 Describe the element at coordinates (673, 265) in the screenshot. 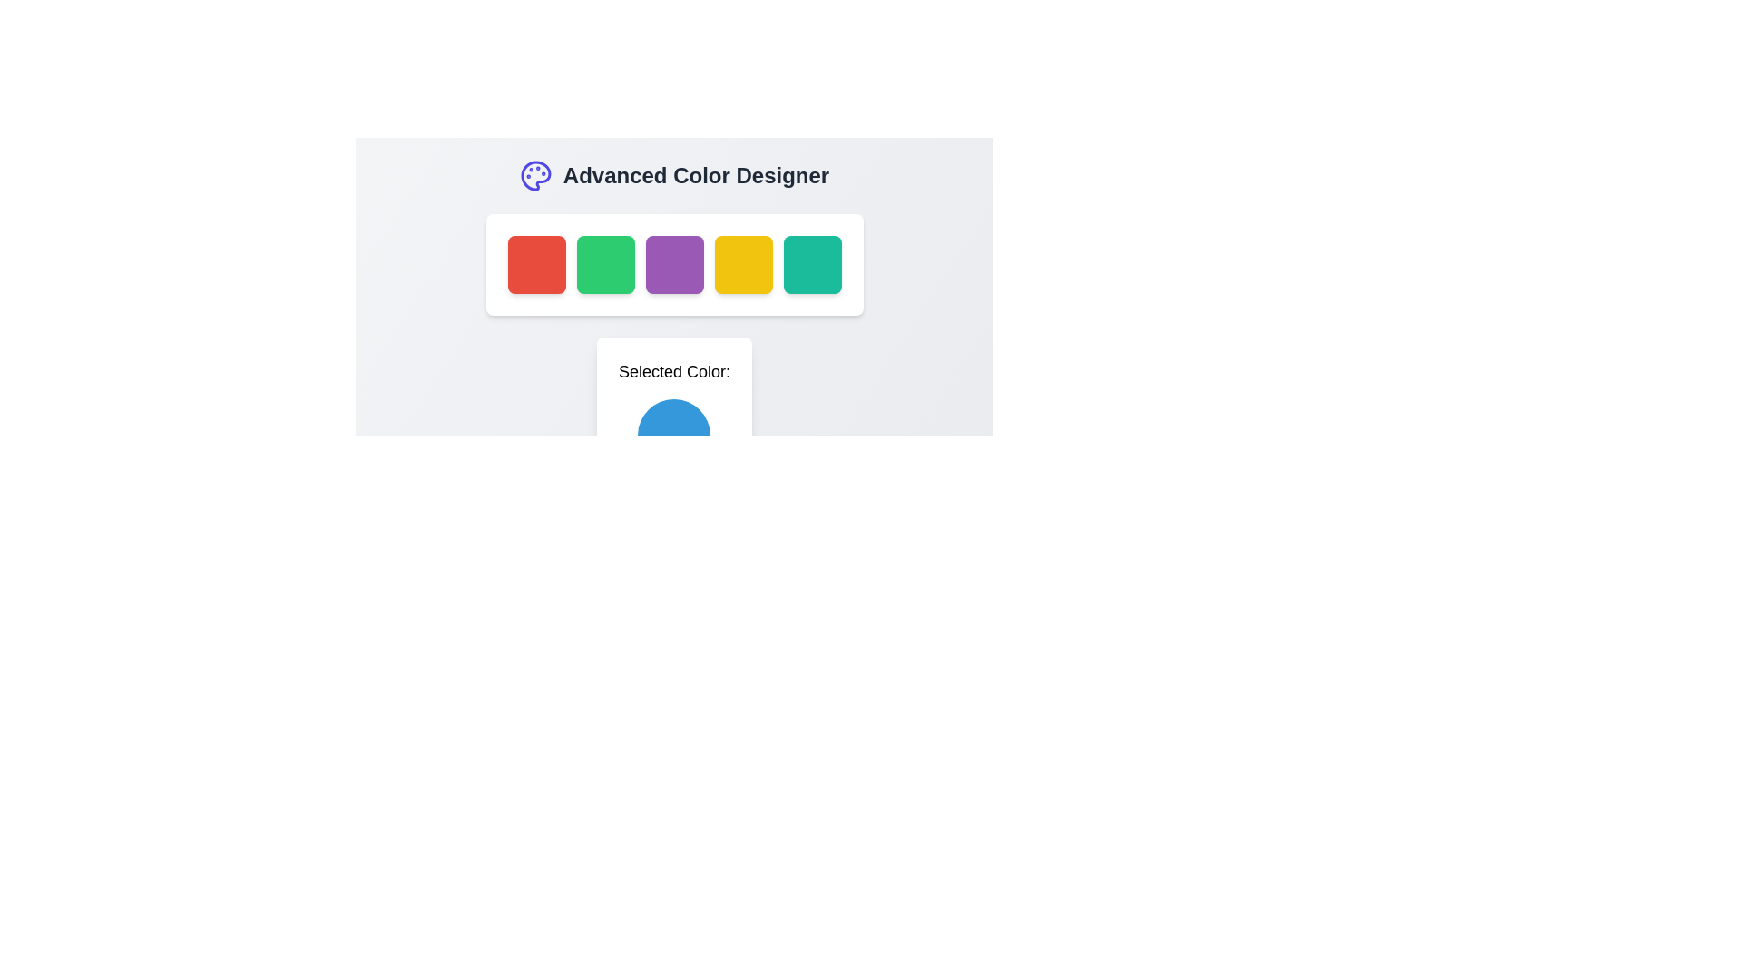

I see `the selectable visual indicator located in the center position of a sequence of five squares` at that location.